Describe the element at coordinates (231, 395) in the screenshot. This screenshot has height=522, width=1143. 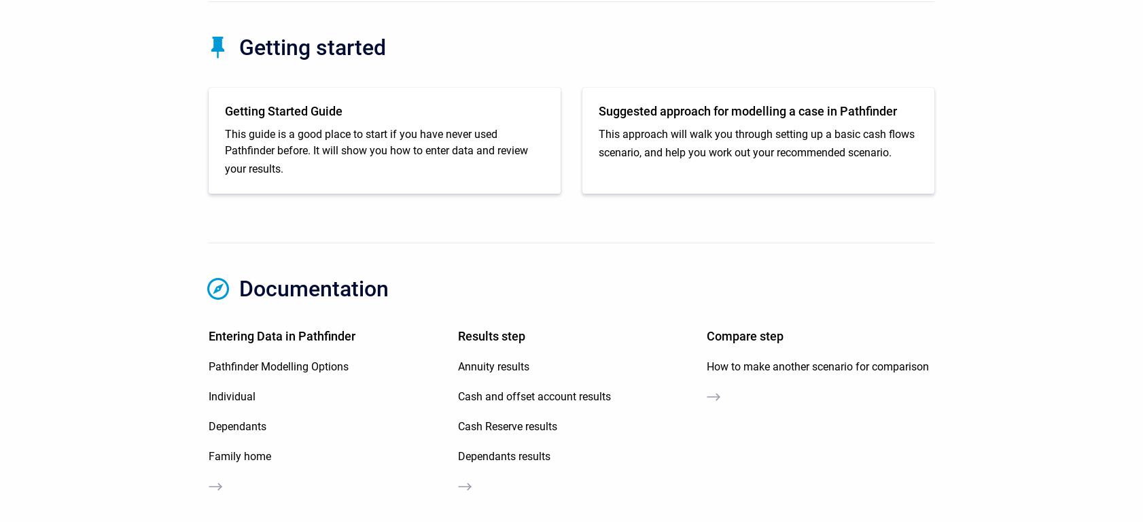
I see `'Individual'` at that location.